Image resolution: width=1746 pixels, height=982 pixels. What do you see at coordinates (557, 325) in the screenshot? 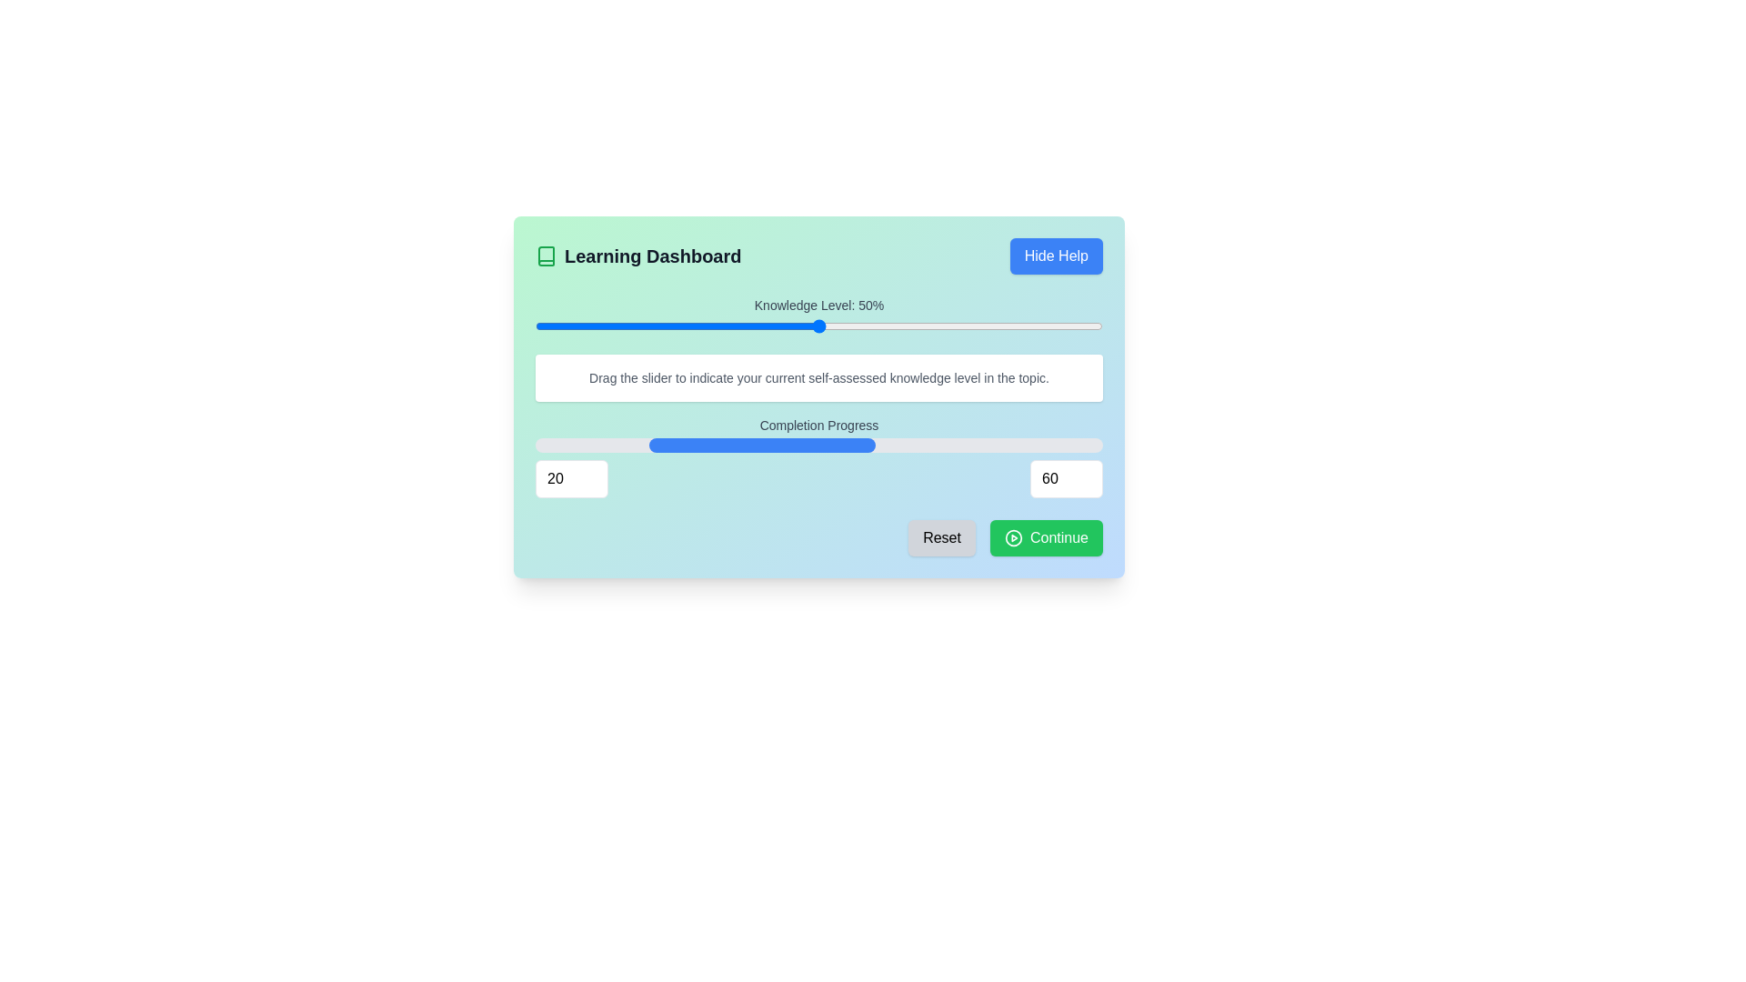
I see `the knowledge level` at bounding box center [557, 325].